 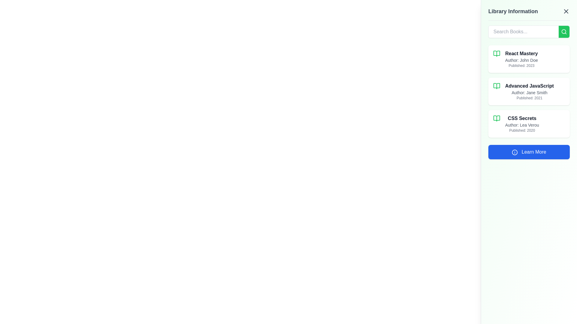 I want to click on the circular icon component within the SVG graphic, which is centered among its siblings and located next to the 'Learn More' button, so click(x=514, y=152).